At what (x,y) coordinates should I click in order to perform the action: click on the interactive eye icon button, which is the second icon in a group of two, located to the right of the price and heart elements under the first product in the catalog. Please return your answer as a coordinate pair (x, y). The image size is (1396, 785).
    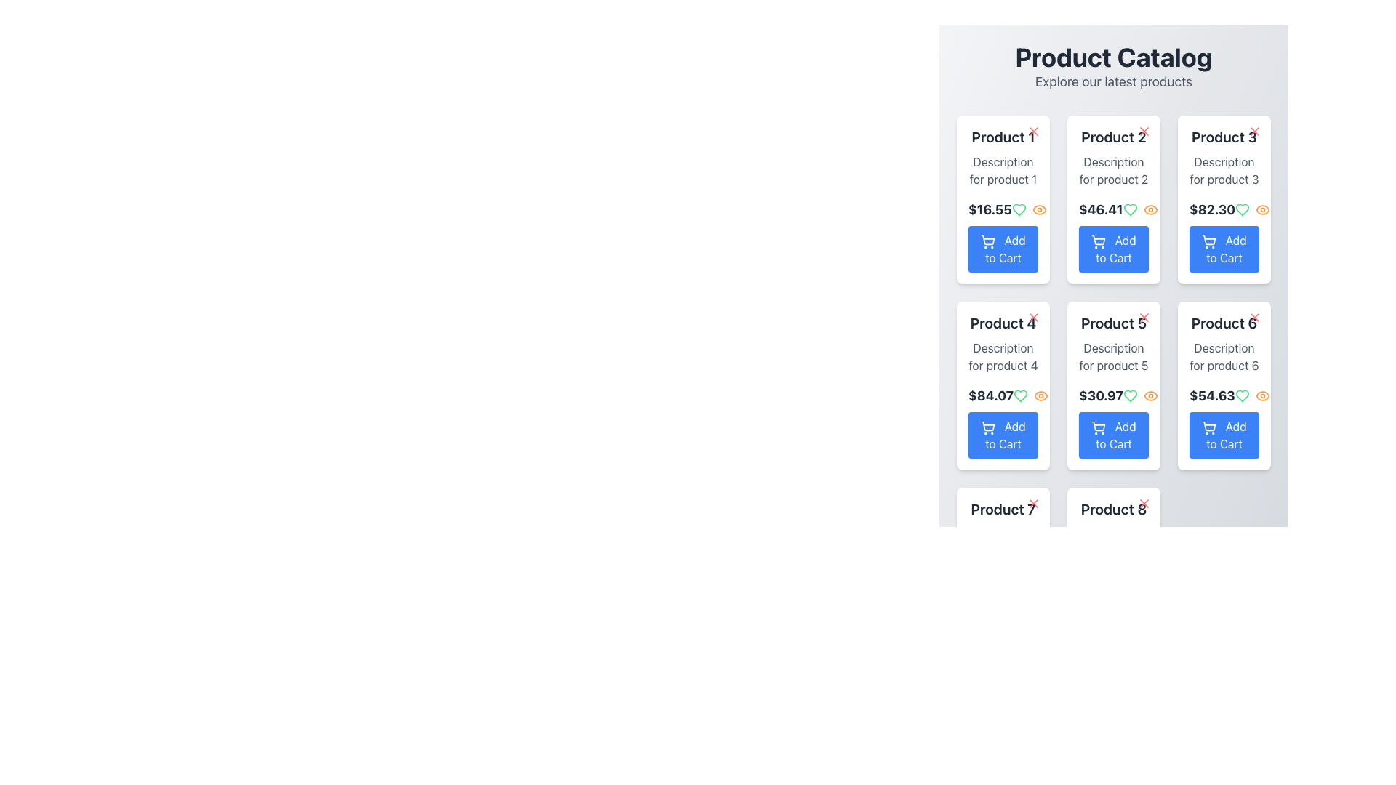
    Looking at the image, I should click on (1038, 210).